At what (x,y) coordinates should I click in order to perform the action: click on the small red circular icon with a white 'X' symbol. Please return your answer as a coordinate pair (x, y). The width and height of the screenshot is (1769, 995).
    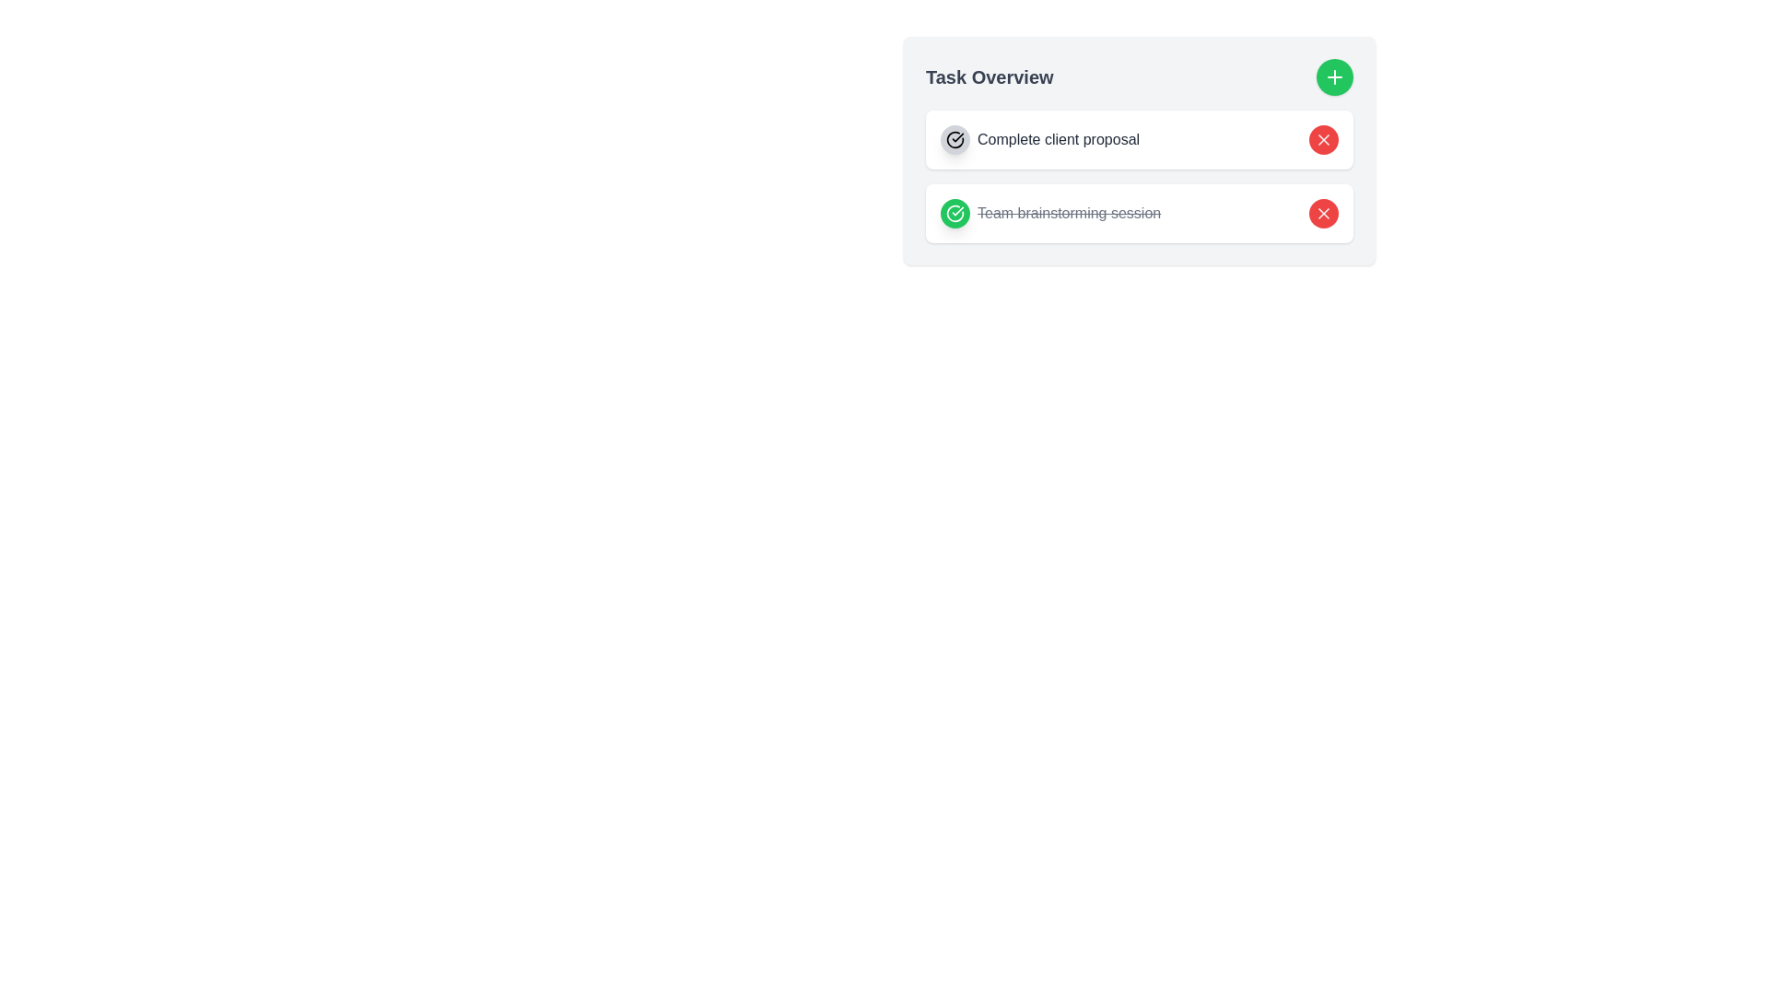
    Looking at the image, I should click on (1322, 212).